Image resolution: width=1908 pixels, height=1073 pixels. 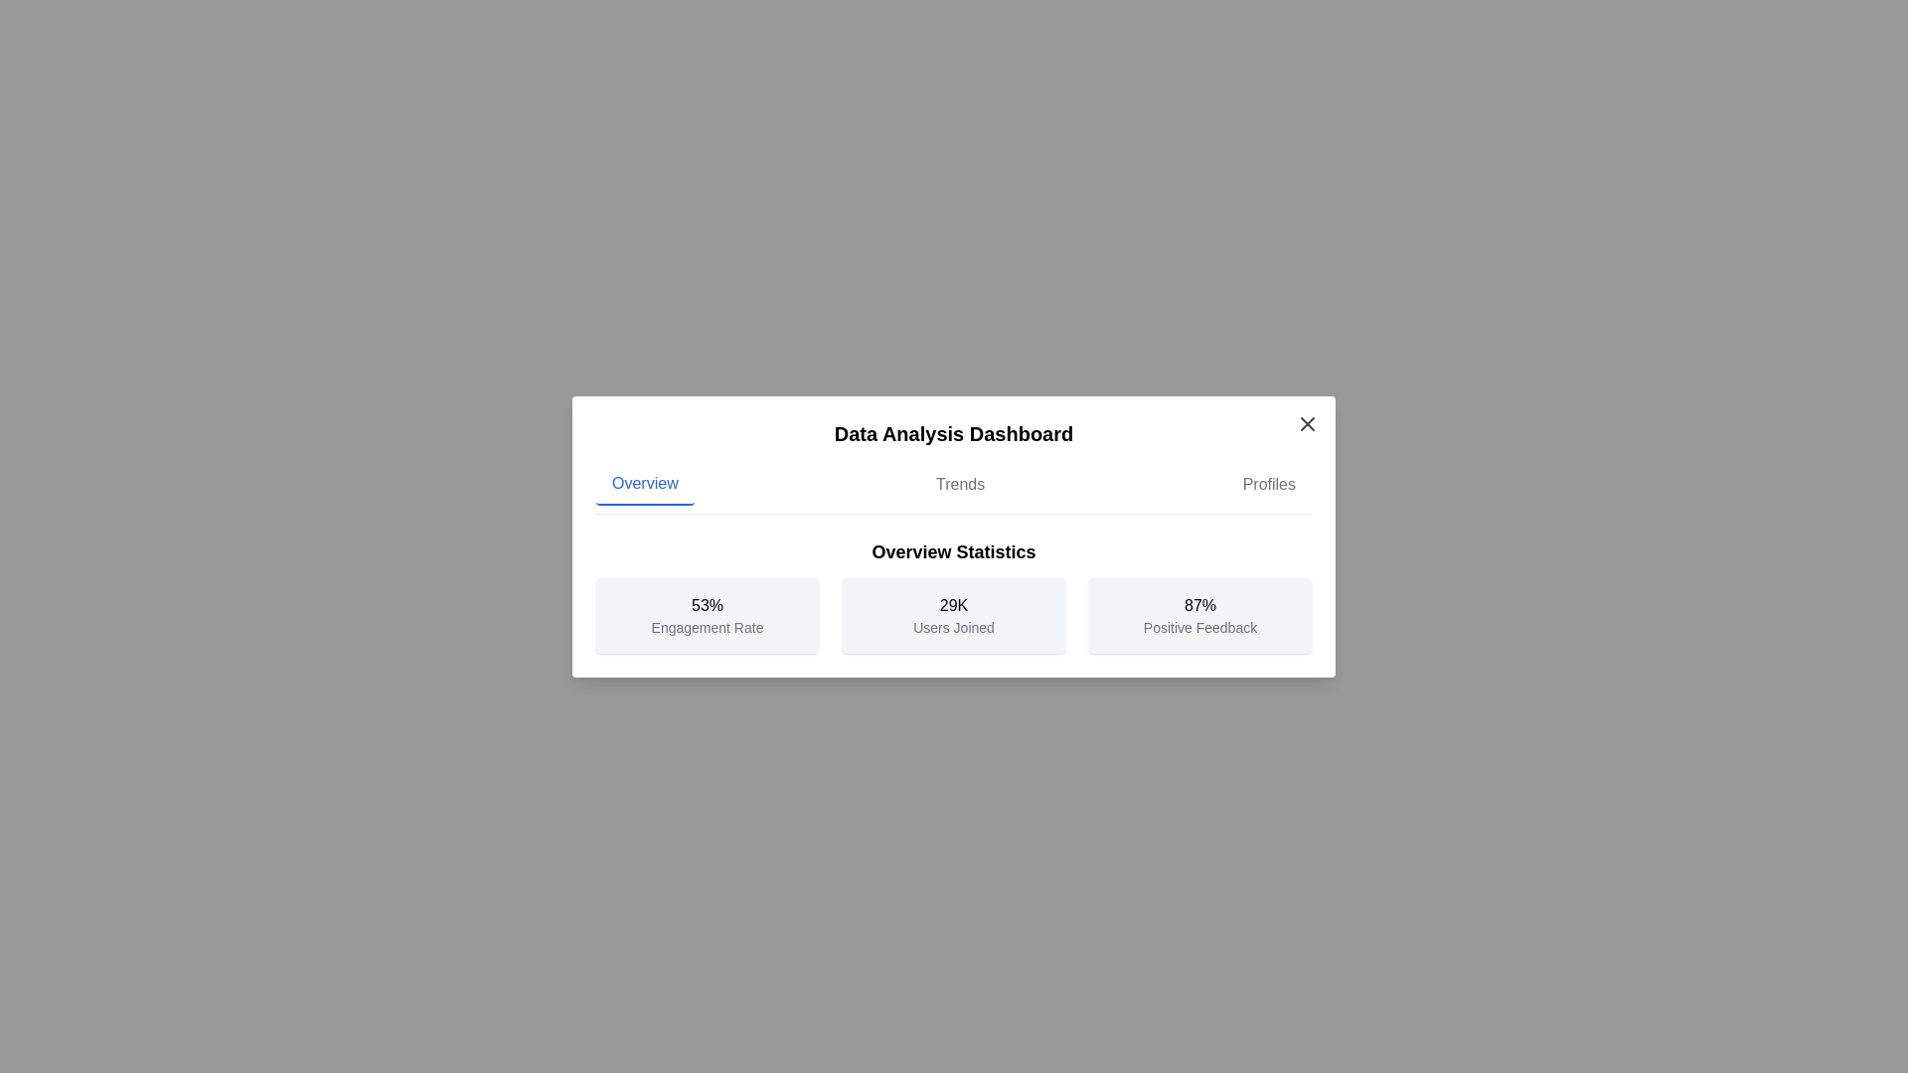 I want to click on the 'Engagement Rate' text label in the top-left section of the statistics block, which visually indicates the engagement metric, so click(x=707, y=604).